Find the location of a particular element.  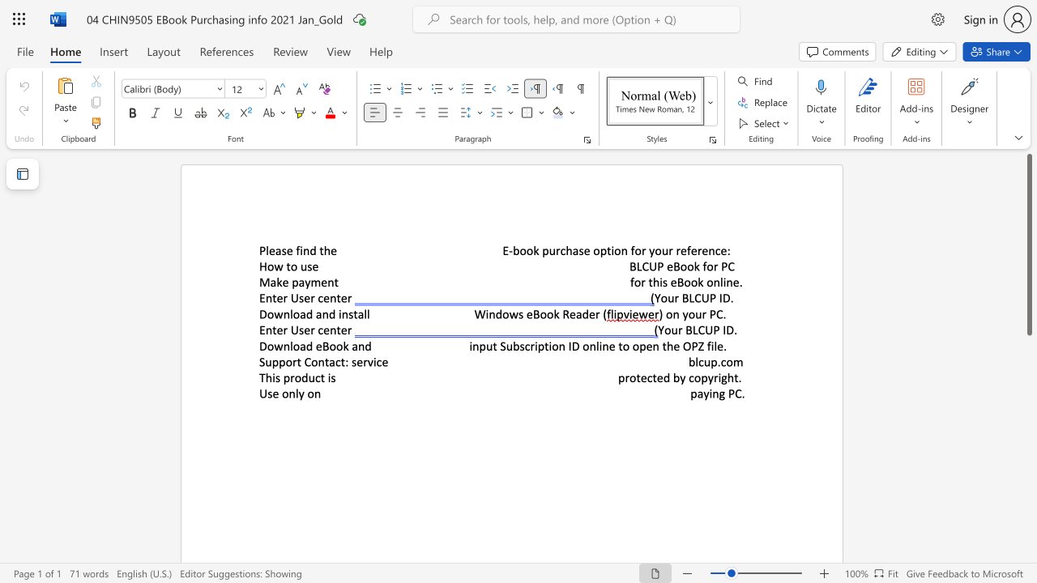

the 1th character "s" in the text is located at coordinates (309, 266).